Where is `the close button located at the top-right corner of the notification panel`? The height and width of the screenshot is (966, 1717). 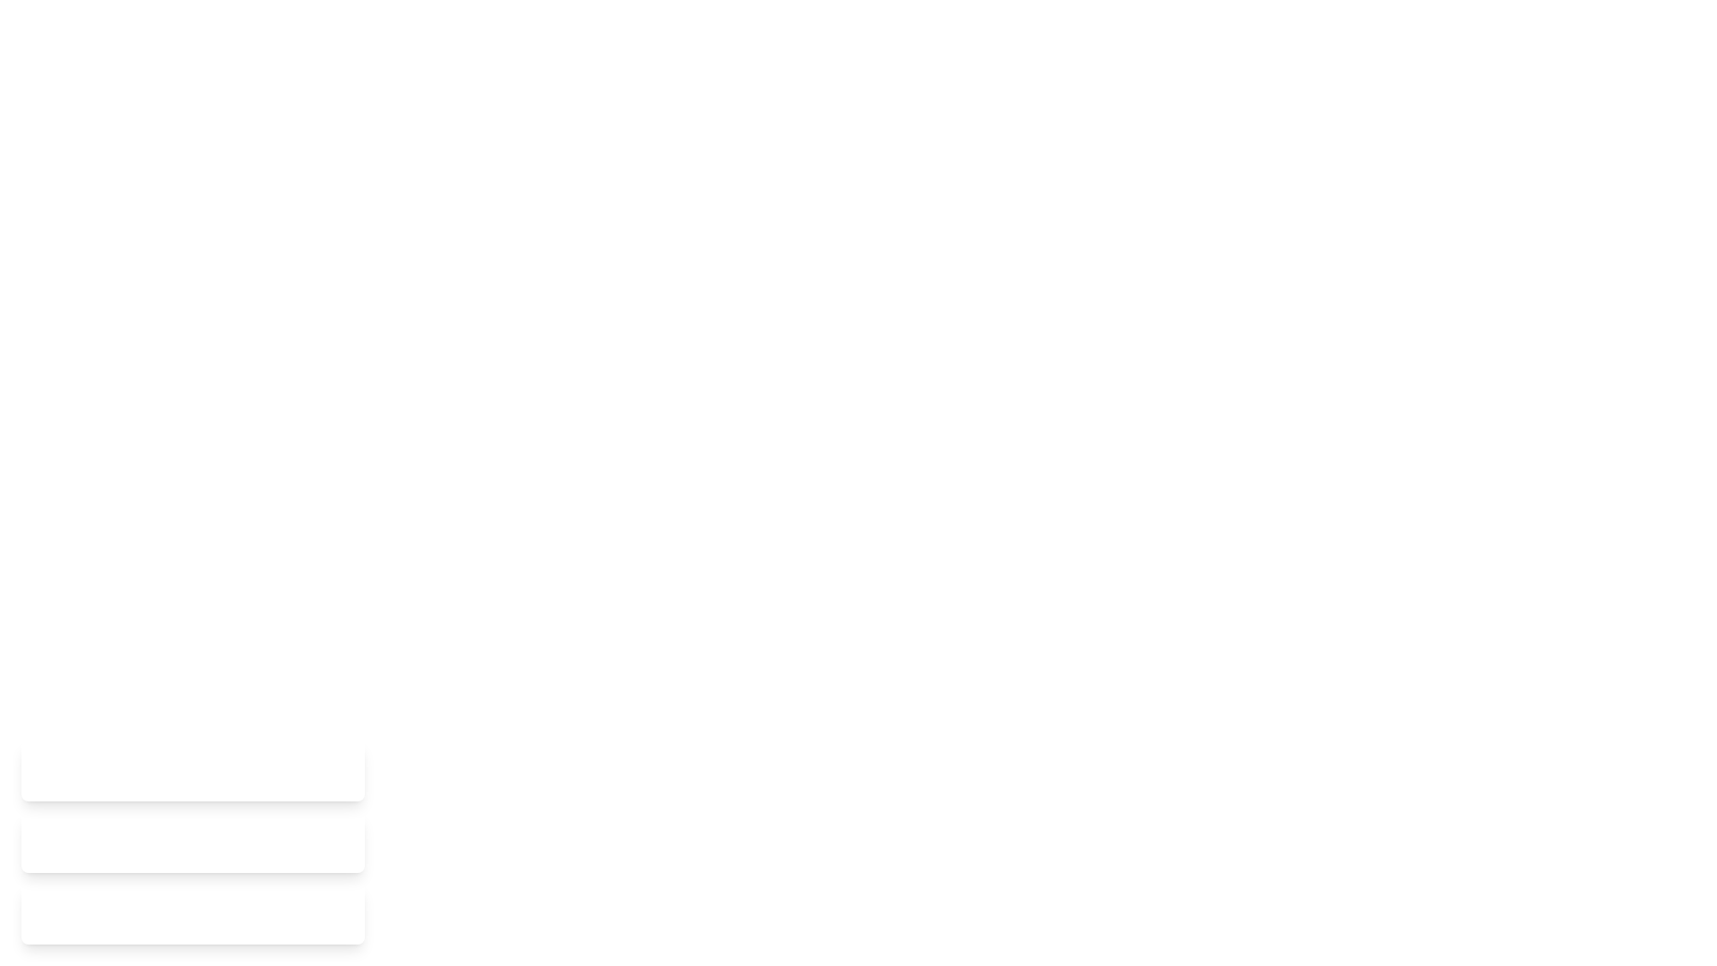 the close button located at the top-right corner of the notification panel is located at coordinates (335, 769).